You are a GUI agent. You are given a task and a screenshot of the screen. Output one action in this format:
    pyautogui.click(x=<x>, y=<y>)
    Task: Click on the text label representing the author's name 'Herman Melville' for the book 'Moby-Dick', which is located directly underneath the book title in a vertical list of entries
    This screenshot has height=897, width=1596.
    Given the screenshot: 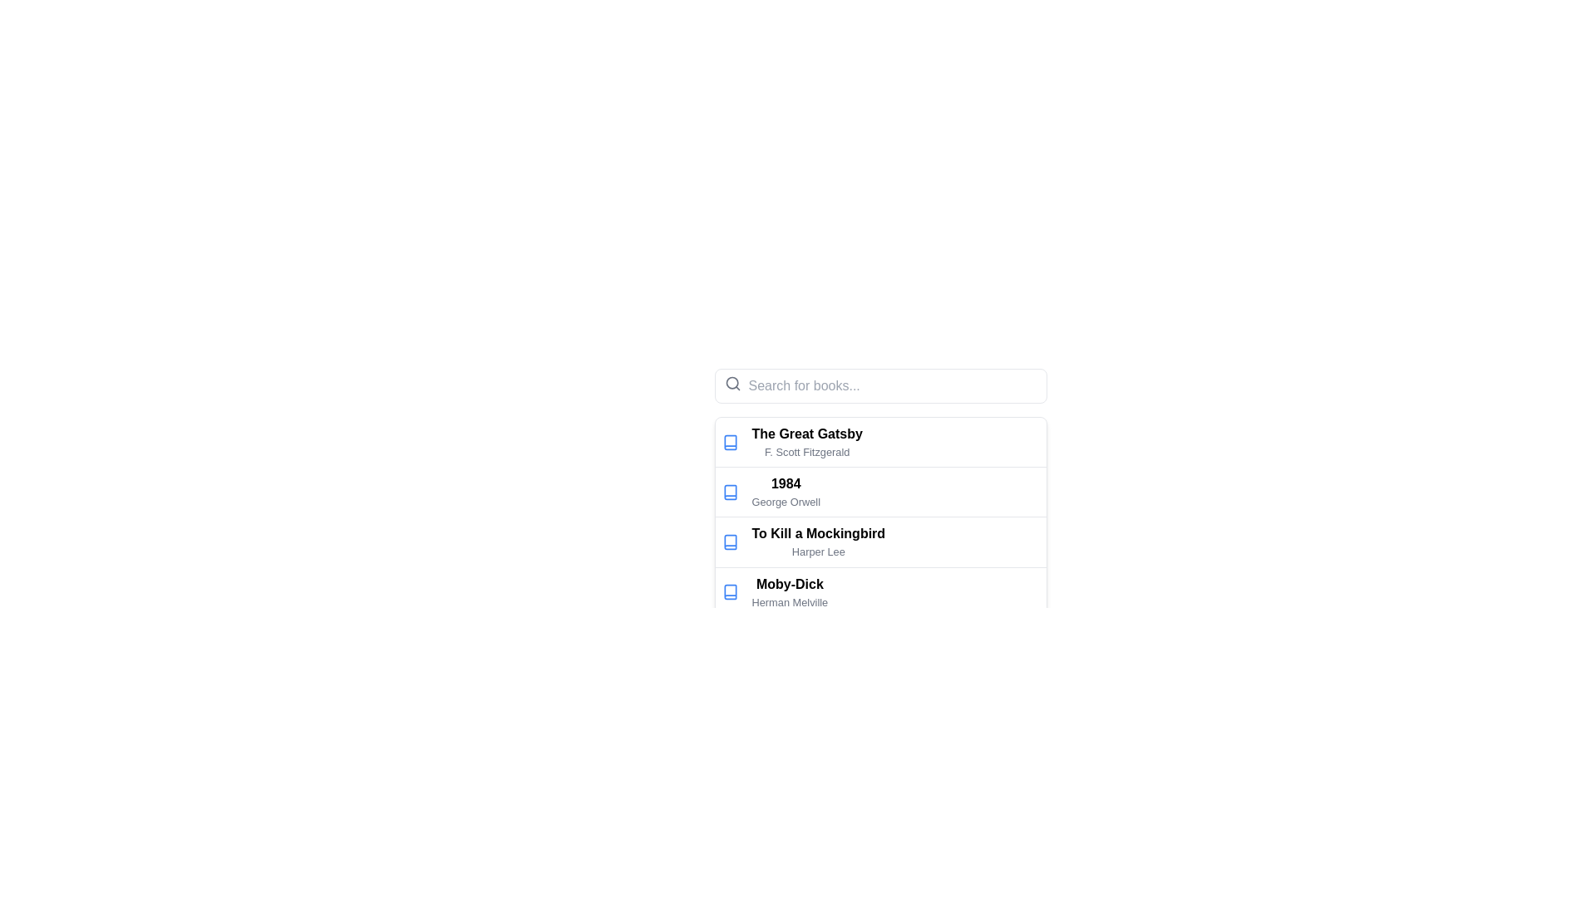 What is the action you would take?
    pyautogui.click(x=789, y=602)
    